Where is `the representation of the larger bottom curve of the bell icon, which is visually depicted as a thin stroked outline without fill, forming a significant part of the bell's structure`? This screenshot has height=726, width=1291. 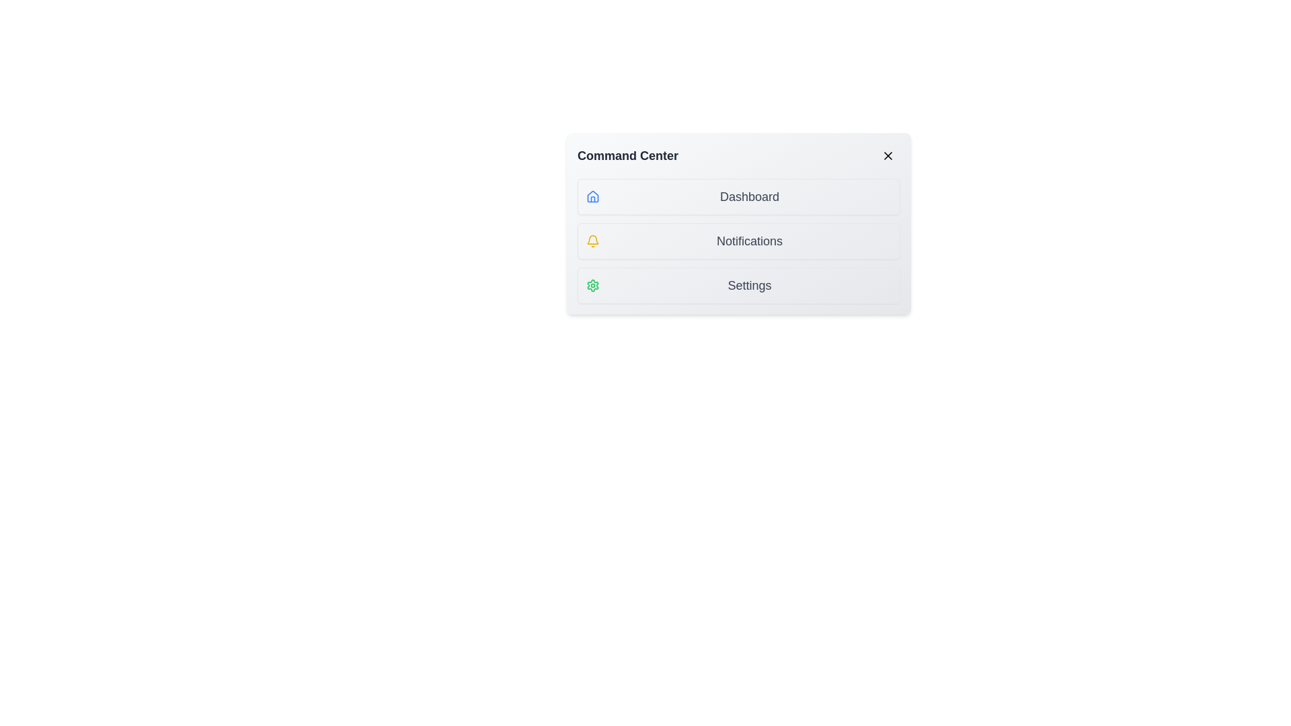 the representation of the larger bottom curve of the bell icon, which is visually depicted as a thin stroked outline without fill, forming a significant part of the bell's structure is located at coordinates (592, 239).